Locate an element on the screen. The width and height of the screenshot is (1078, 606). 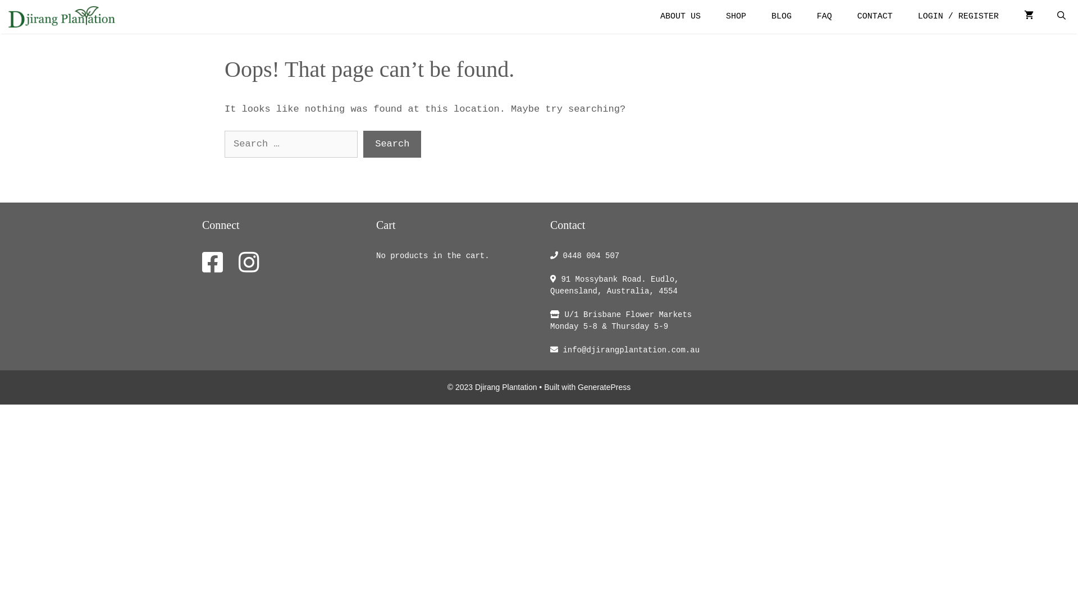
'Djirang Plantation' is located at coordinates (64, 17).